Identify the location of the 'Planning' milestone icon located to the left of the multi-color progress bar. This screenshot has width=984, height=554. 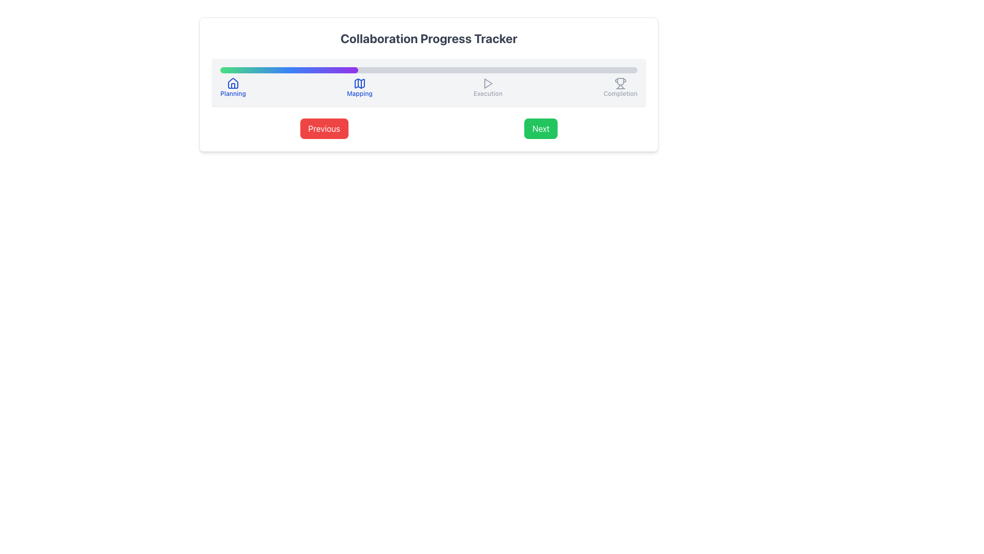
(232, 83).